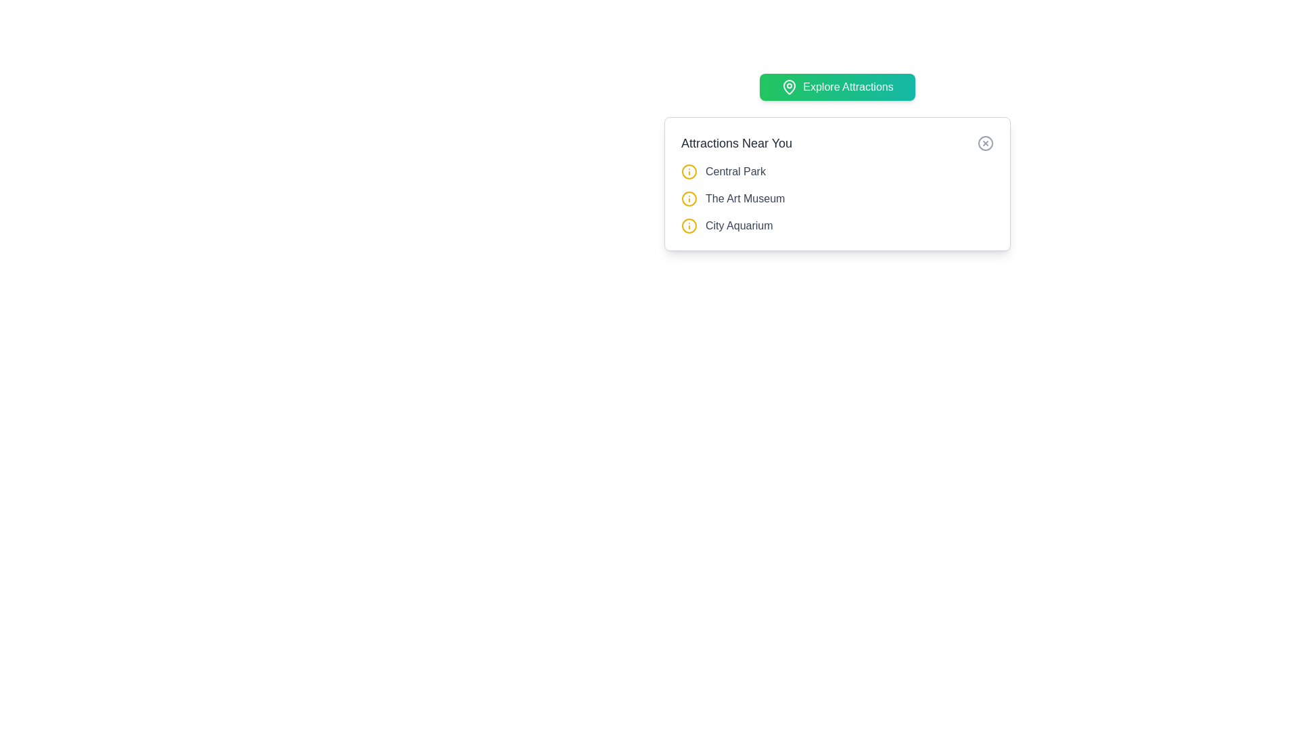 This screenshot has width=1299, height=731. I want to click on the text label 'The Art Museum' located in the Attractions Near You section, positioned as the second item, to the right of a circular yellow icon with an 'i' symbol, so click(744, 198).